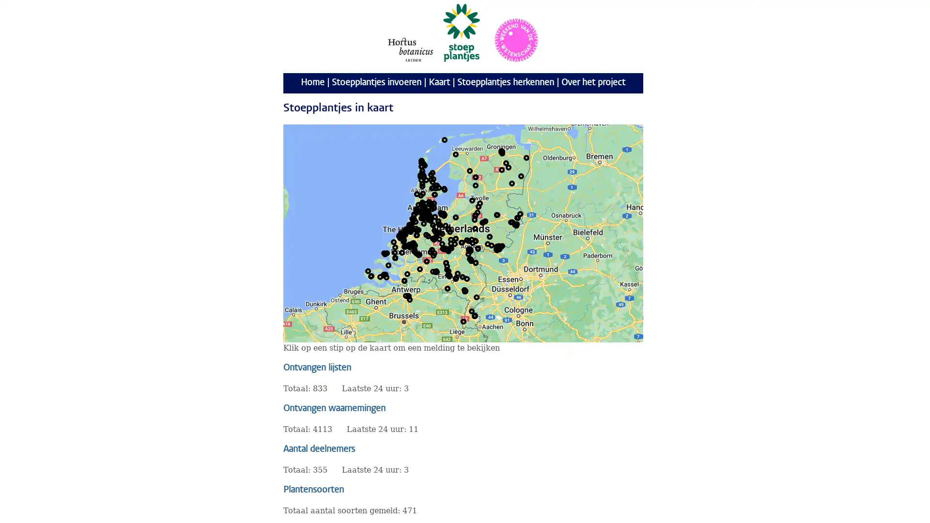 The image size is (930, 523). I want to click on Telling van Scouting Titus Bransma op 04 oktober 2021, so click(517, 216).